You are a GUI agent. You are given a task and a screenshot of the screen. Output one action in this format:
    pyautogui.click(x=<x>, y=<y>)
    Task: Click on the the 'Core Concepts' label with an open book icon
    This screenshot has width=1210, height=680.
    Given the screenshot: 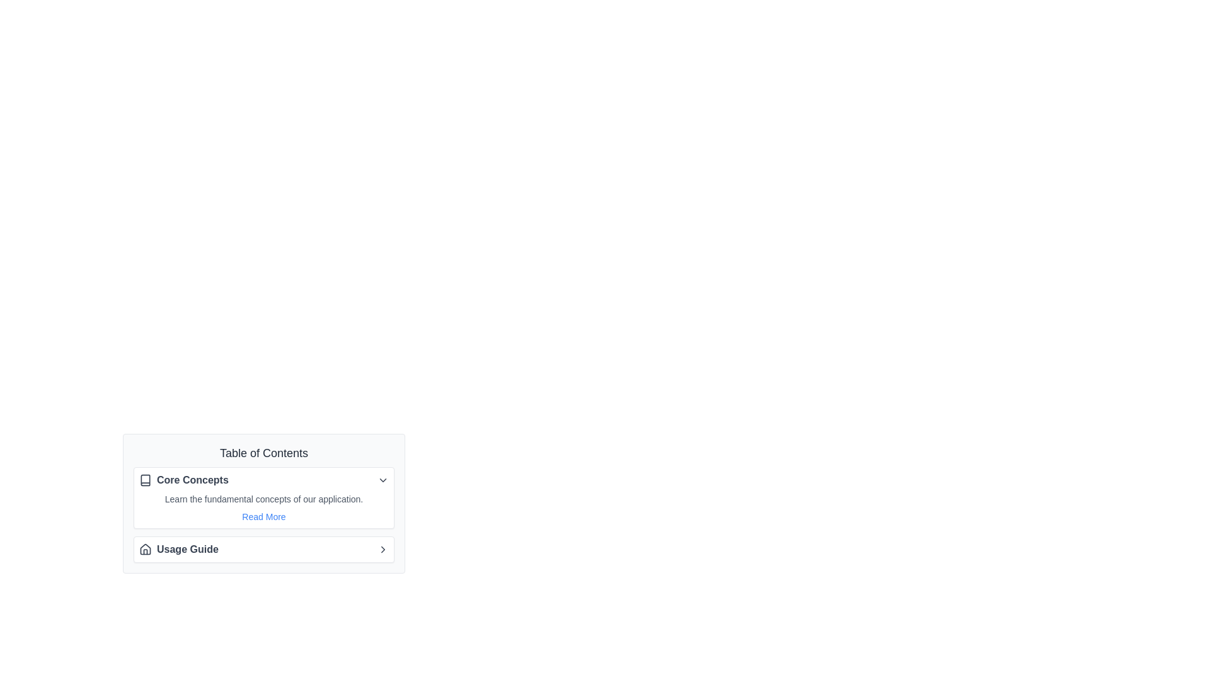 What is the action you would take?
    pyautogui.click(x=183, y=480)
    